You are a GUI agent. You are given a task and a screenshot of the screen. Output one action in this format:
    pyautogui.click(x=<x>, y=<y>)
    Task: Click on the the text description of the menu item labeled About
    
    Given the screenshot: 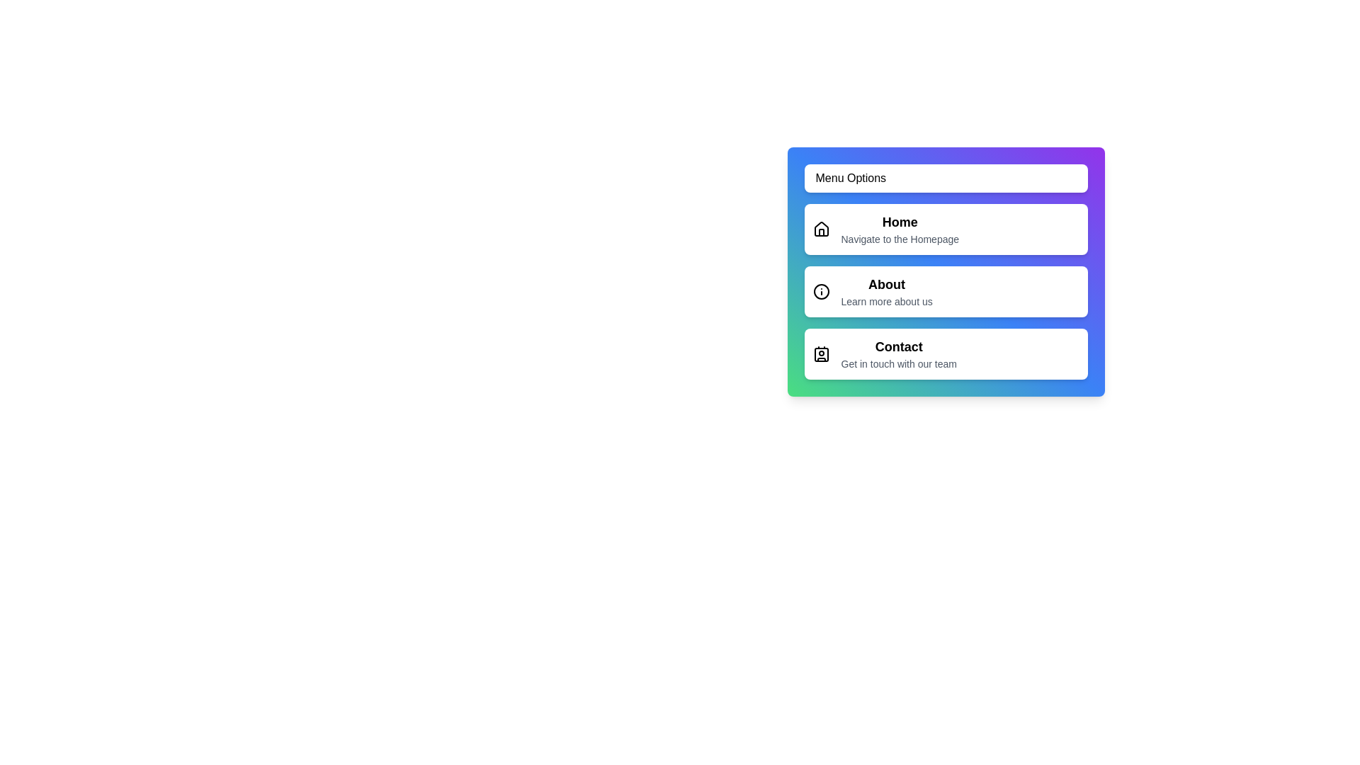 What is the action you would take?
    pyautogui.click(x=886, y=300)
    